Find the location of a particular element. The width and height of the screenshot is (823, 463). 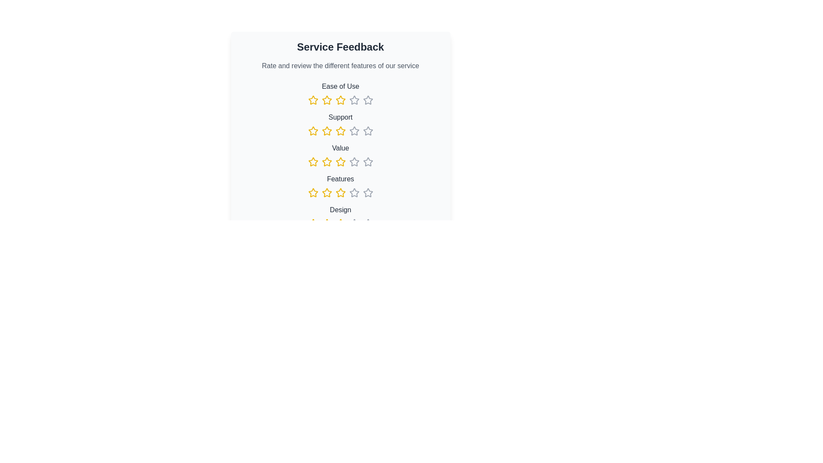

the fifth star button in the rating area for 'Features' to provide feedback and change its state from inactive to active is located at coordinates (354, 193).